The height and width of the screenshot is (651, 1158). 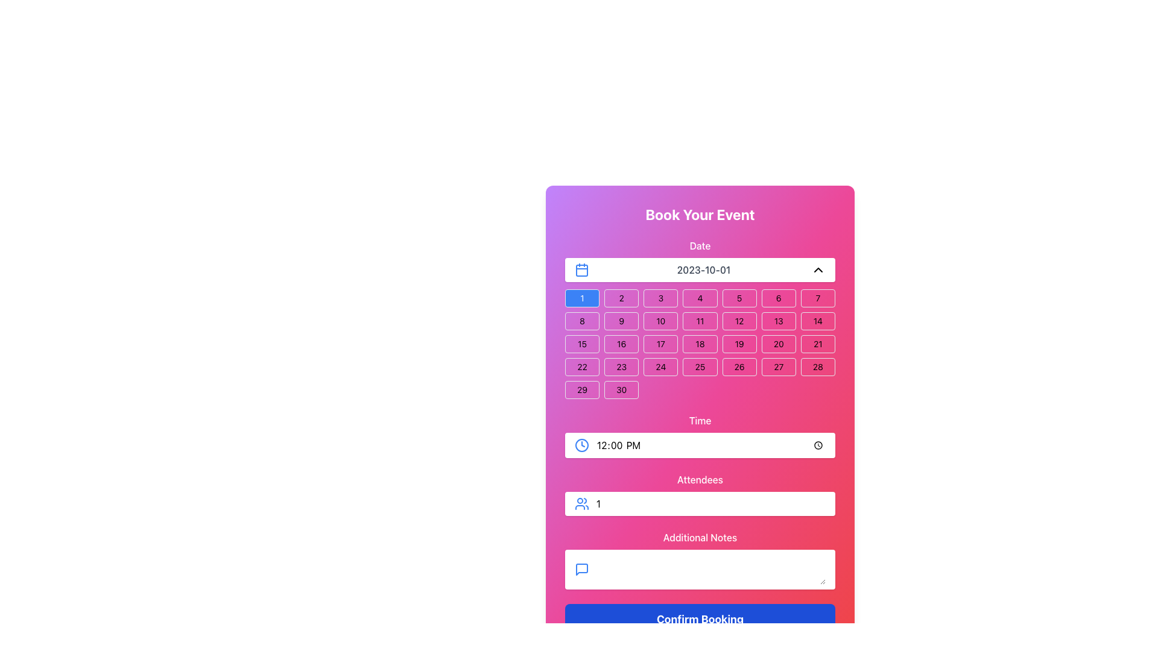 What do you see at coordinates (621, 298) in the screenshot?
I see `the button representing the 2nd day of the month` at bounding box center [621, 298].